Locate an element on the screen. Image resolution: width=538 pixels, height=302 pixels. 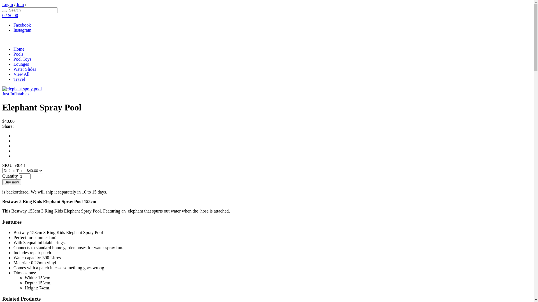
'Home' is located at coordinates (19, 49).